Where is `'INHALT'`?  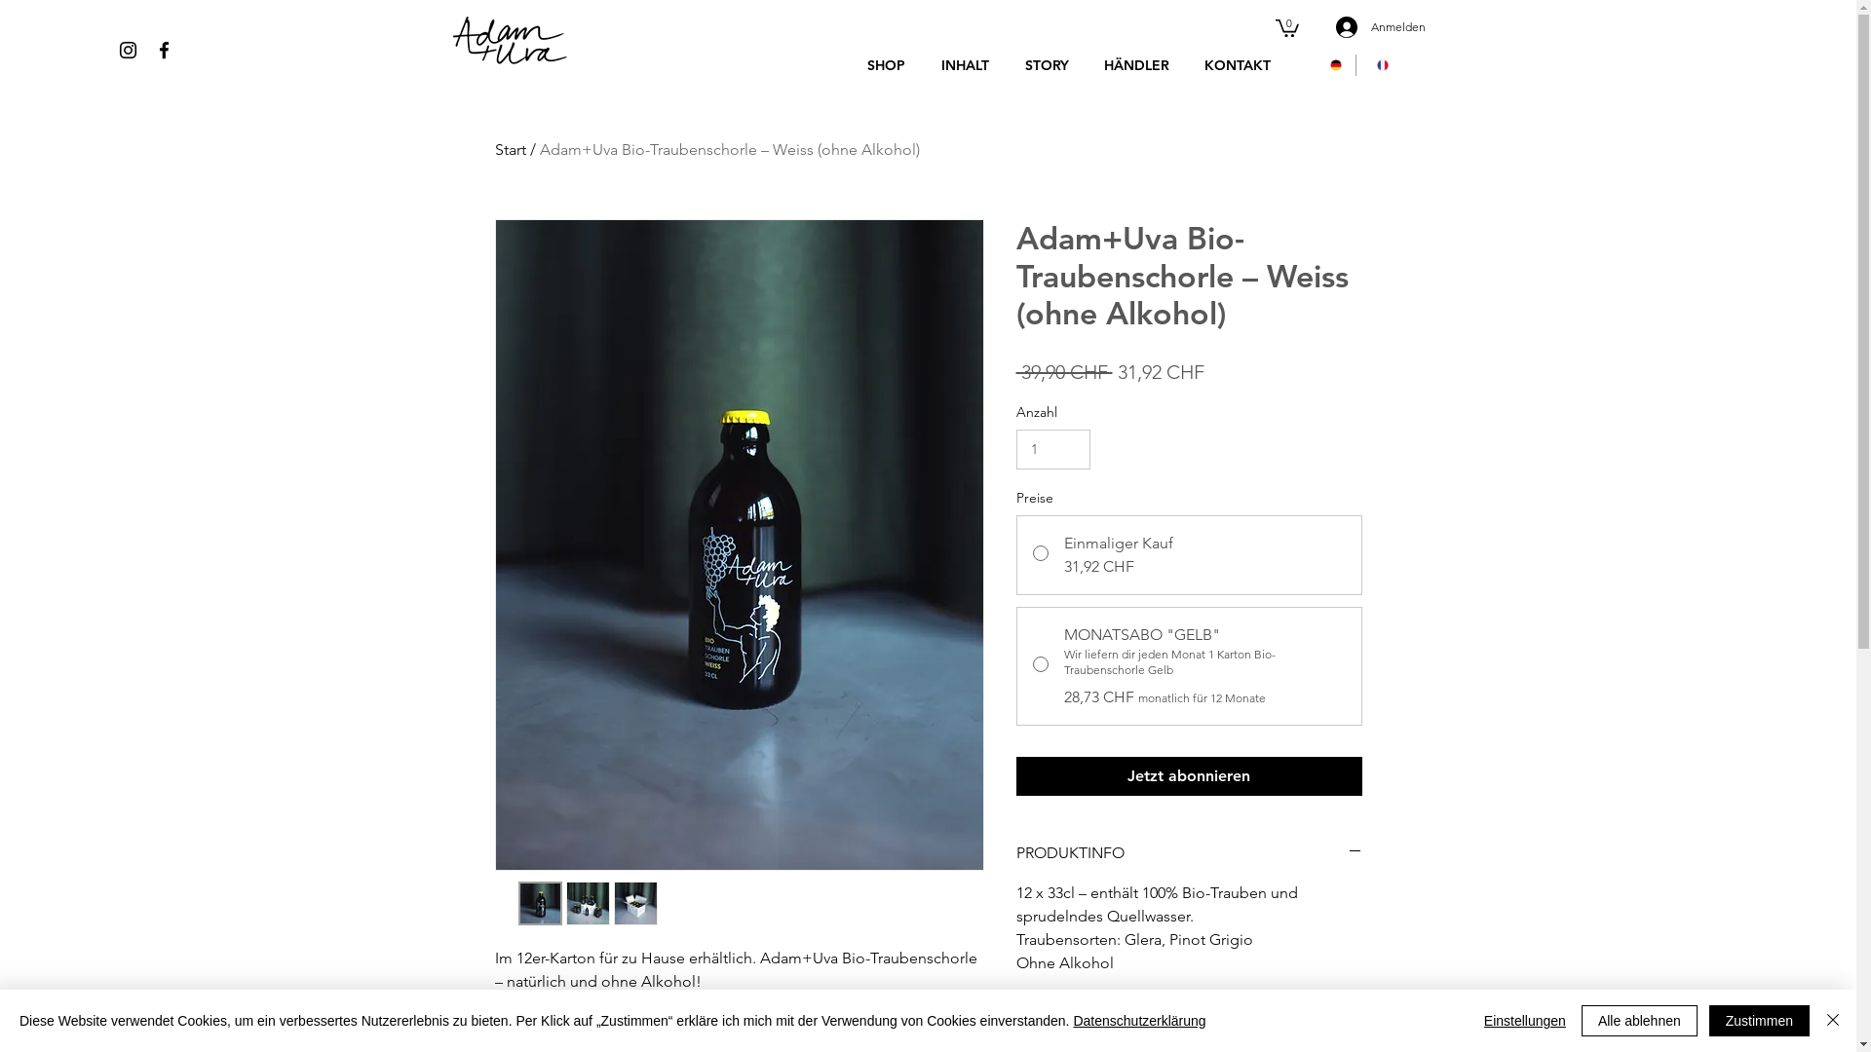
'INHALT' is located at coordinates (962, 63).